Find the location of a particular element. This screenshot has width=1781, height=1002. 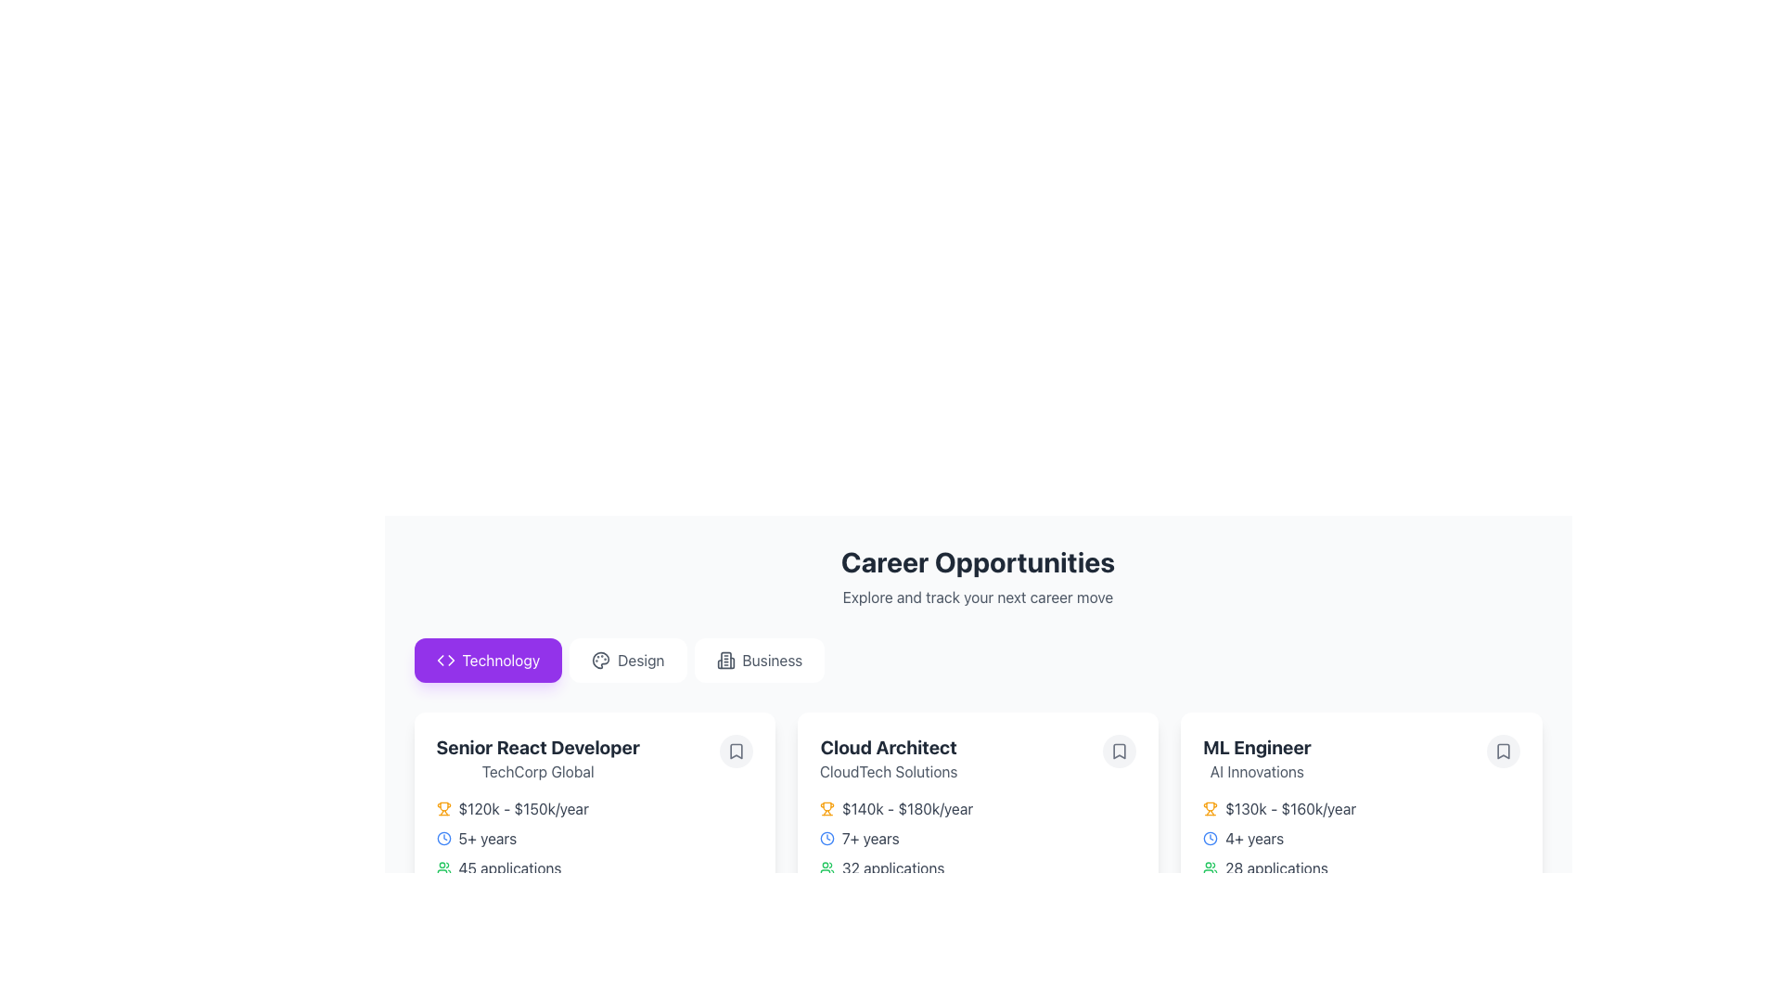

the '4+ years' text element in the 'ML Engineer' job posting card is located at coordinates (1254, 838).